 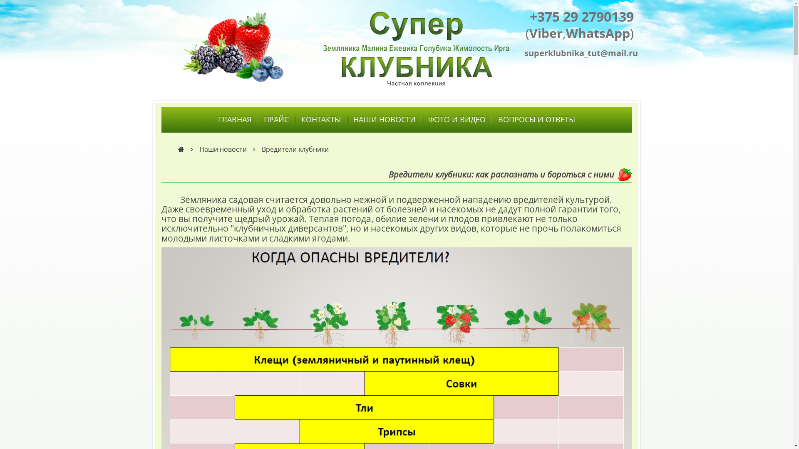 What do you see at coordinates (597, 32) in the screenshot?
I see `'WhatsApp'` at bounding box center [597, 32].